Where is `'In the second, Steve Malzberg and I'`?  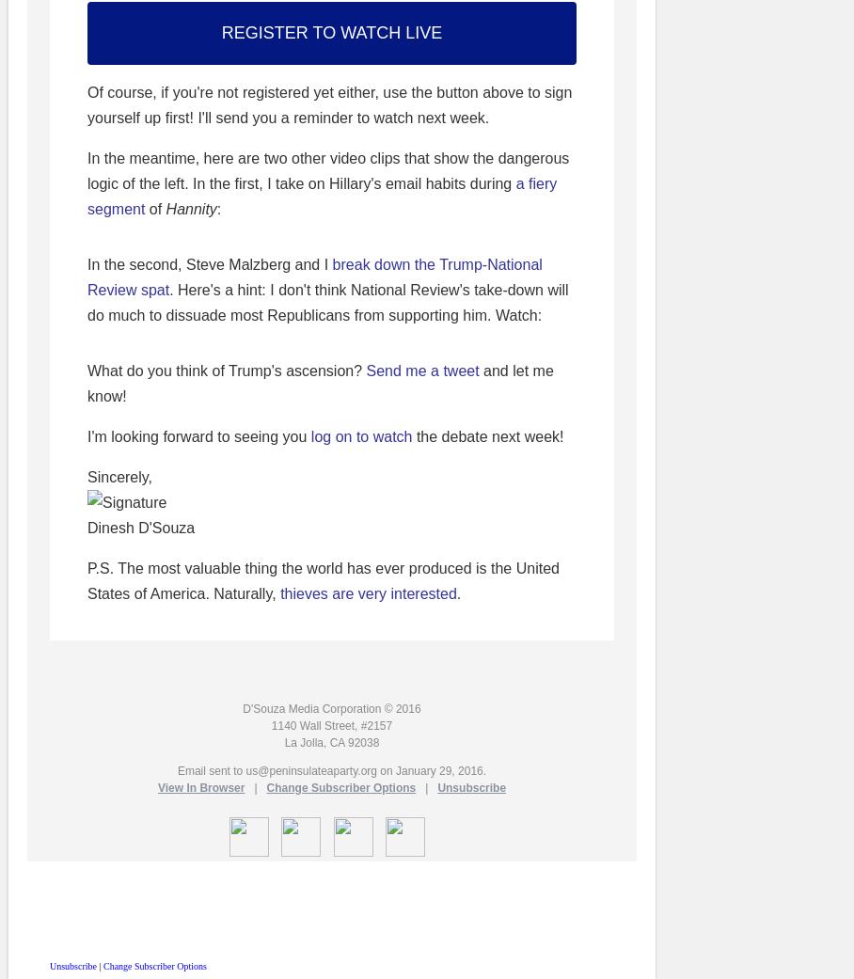 'In the second, Steve Malzberg and I' is located at coordinates (210, 263).